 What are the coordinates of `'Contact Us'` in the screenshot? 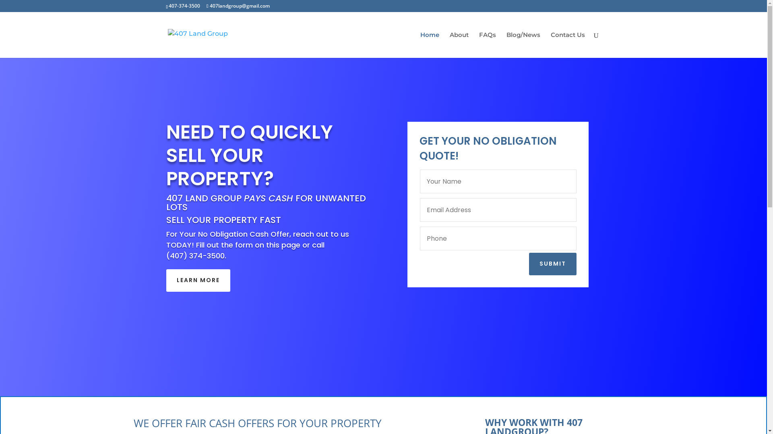 It's located at (550, 45).